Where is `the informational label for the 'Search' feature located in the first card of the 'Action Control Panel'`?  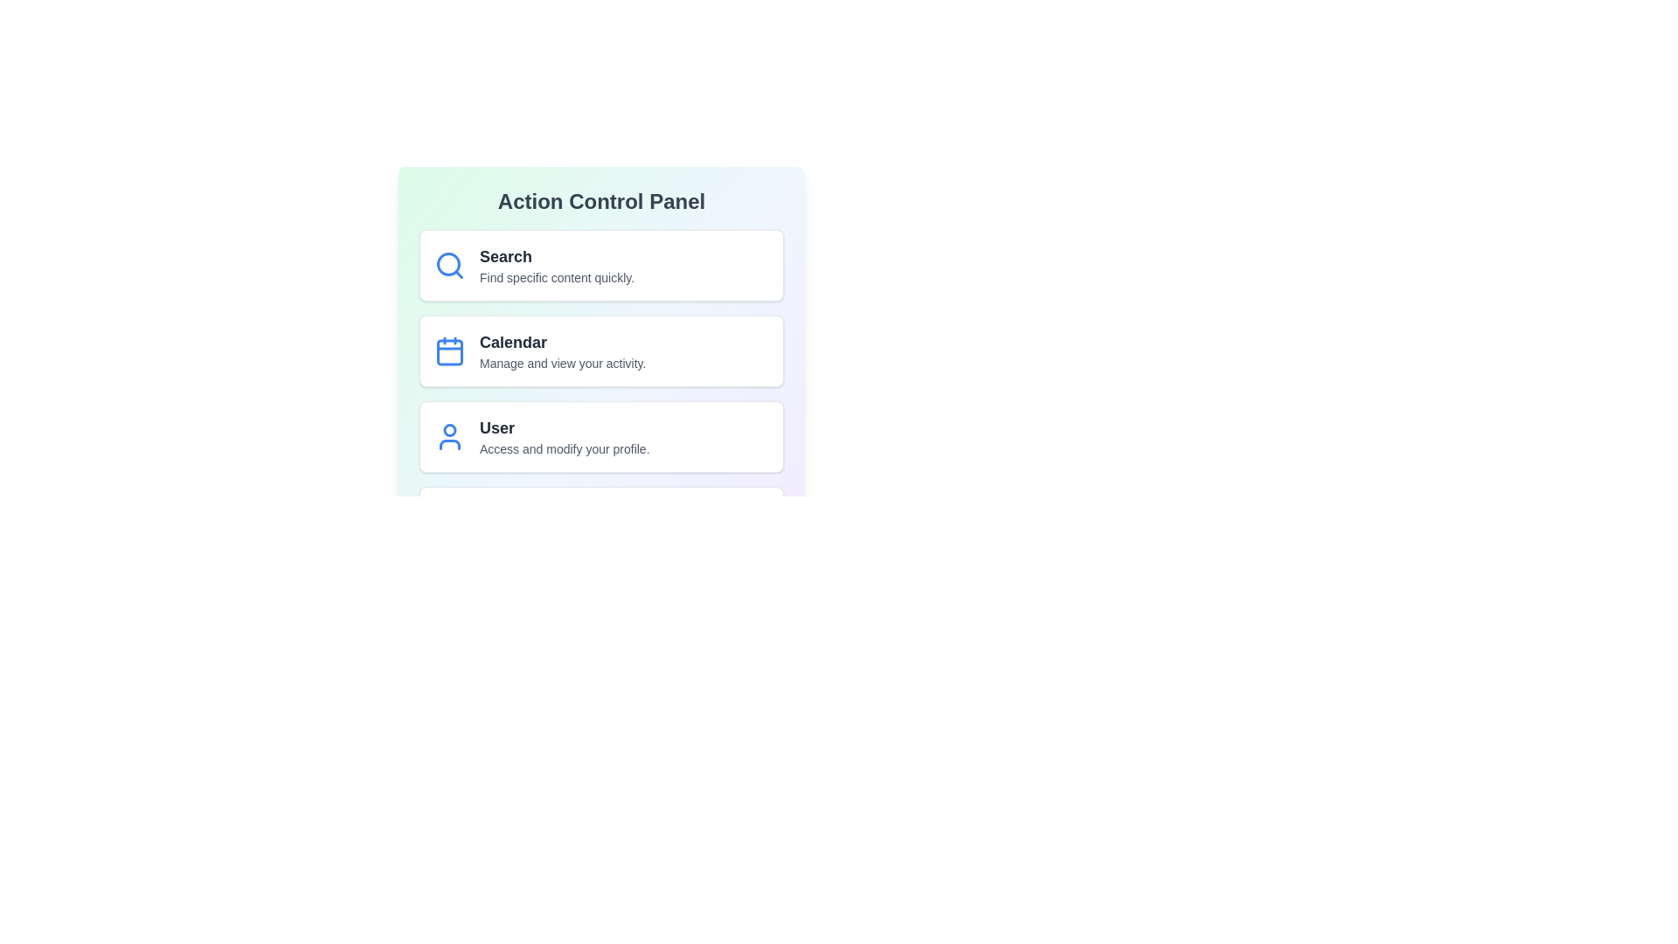
the informational label for the 'Search' feature located in the first card of the 'Action Control Panel' is located at coordinates (556, 266).